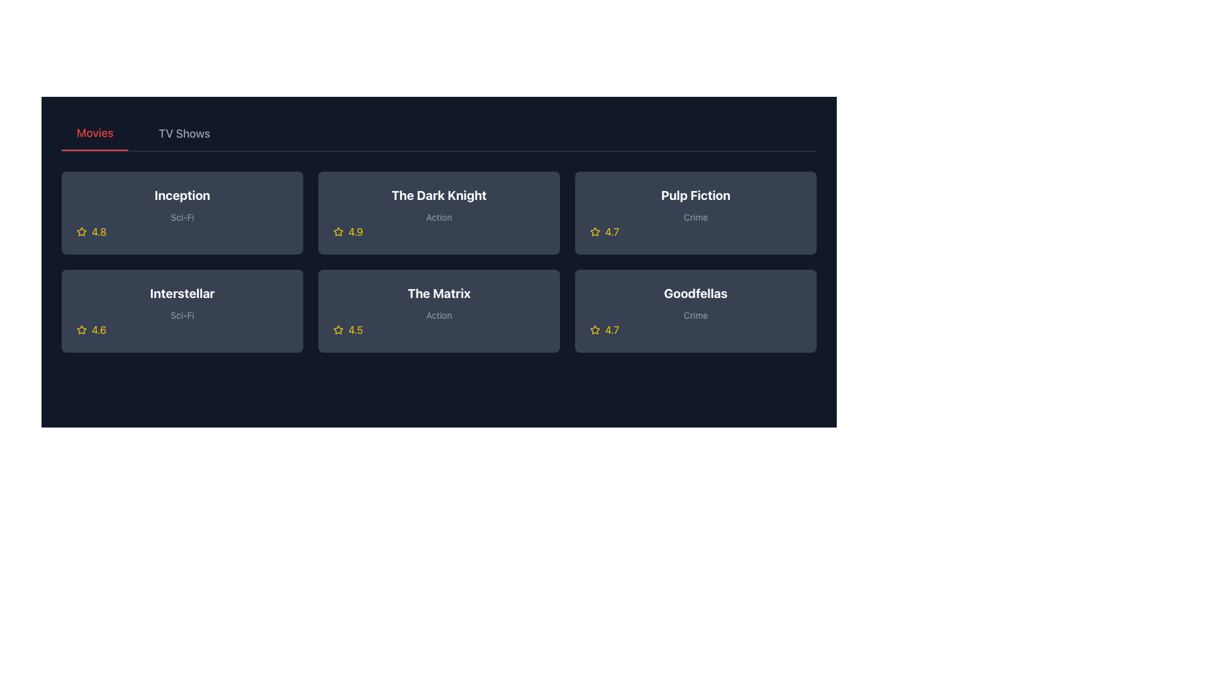 The width and height of the screenshot is (1208, 679). I want to click on the text label displaying the title 'Goodfellas', located inside the last card of the bottom row in a grid layout, positioned above the text 'Crime', so click(695, 293).